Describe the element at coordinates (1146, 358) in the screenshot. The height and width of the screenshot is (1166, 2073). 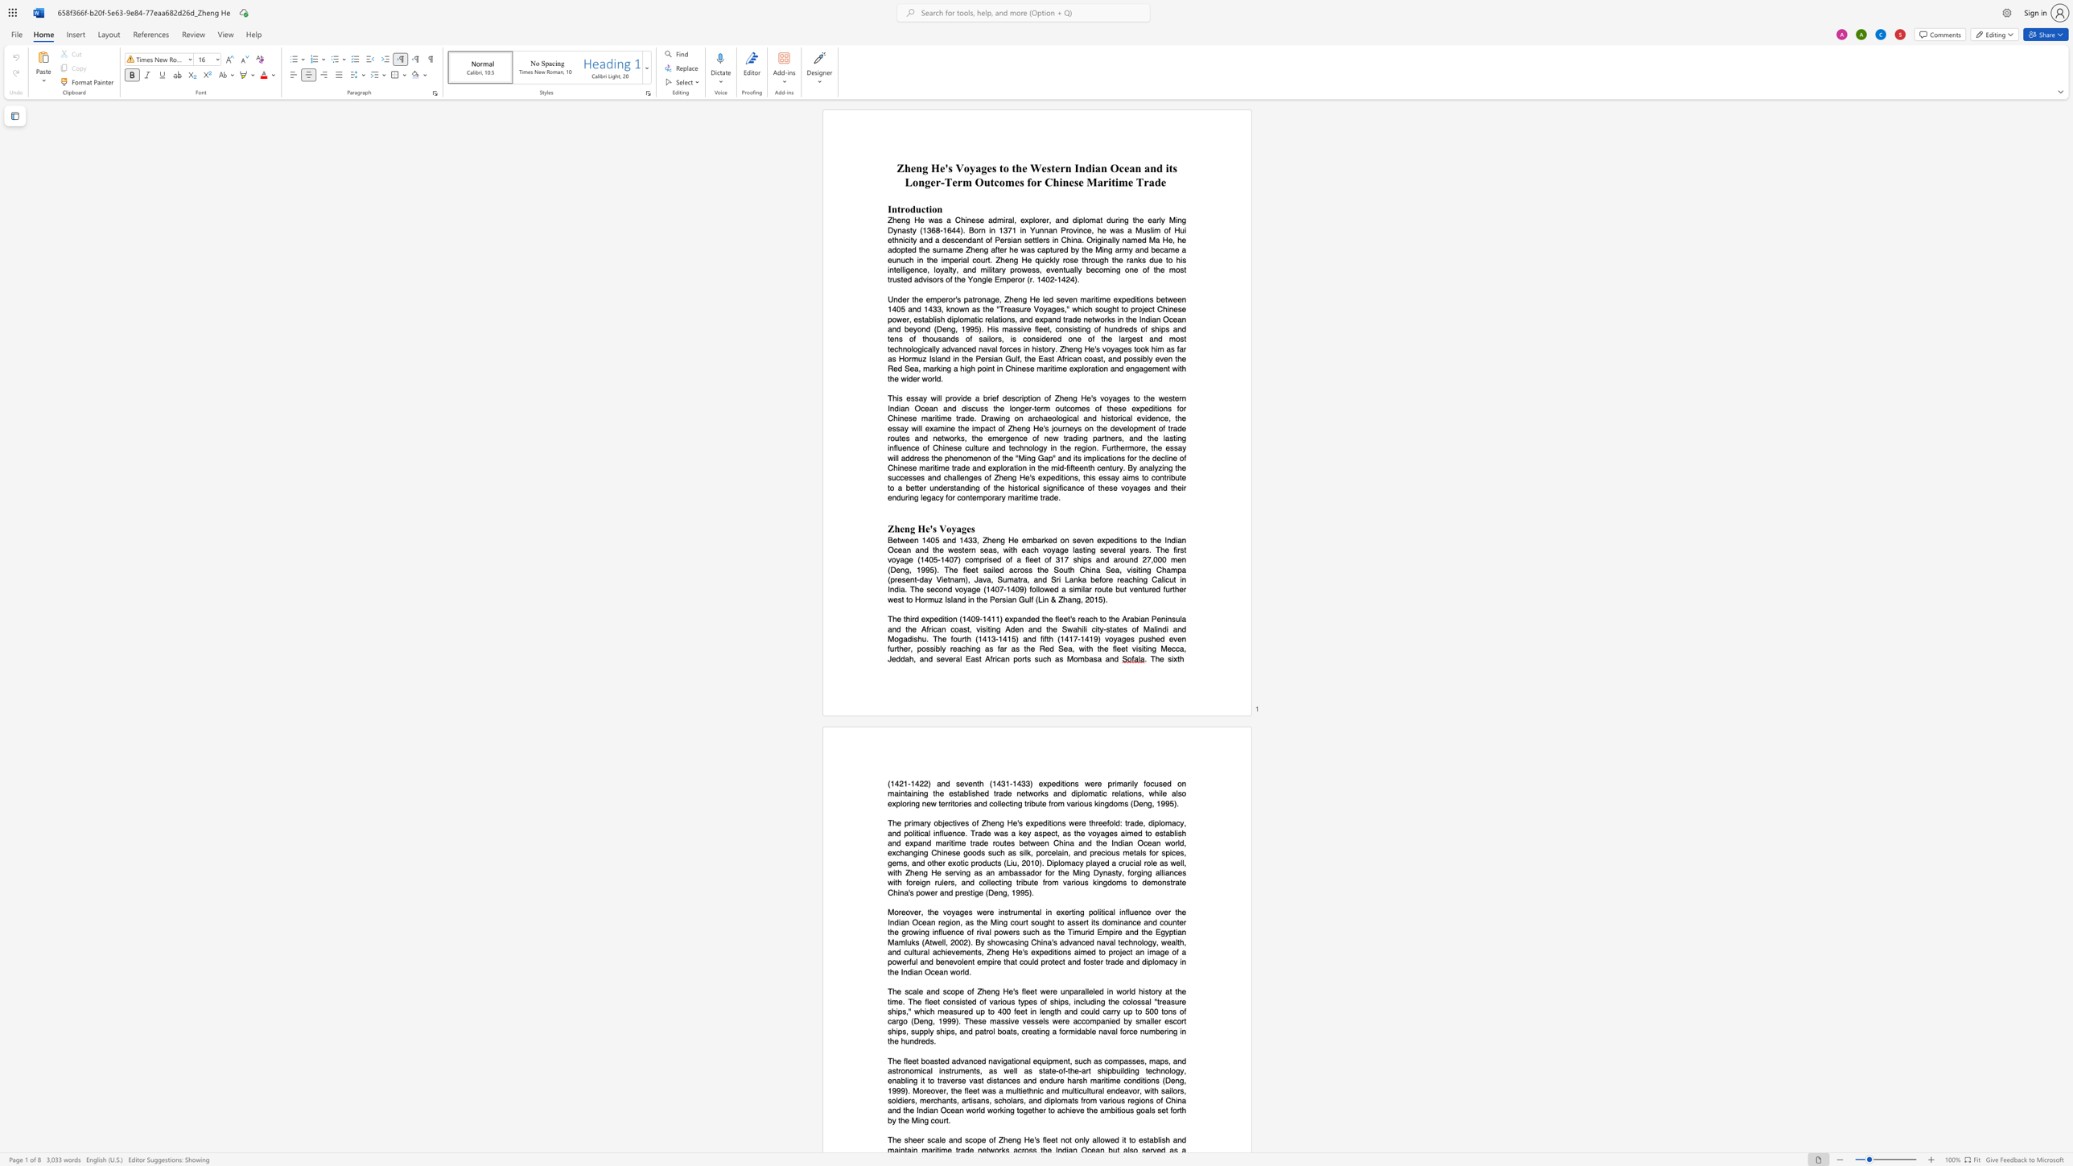
I see `the subset text "ly even" within the text "possibly even"` at that location.